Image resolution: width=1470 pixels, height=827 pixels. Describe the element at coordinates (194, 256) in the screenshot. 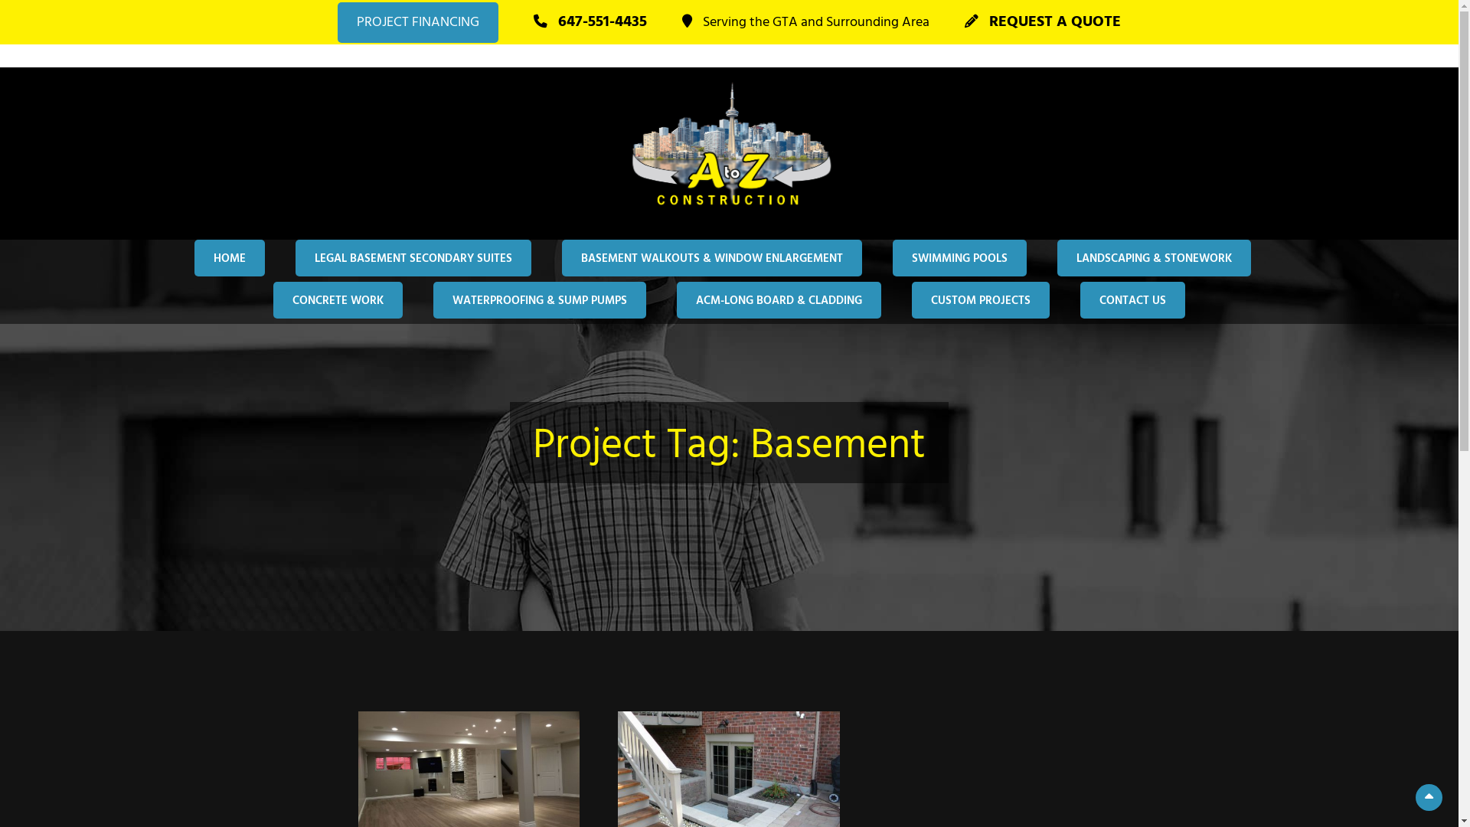

I see `'HOME'` at that location.